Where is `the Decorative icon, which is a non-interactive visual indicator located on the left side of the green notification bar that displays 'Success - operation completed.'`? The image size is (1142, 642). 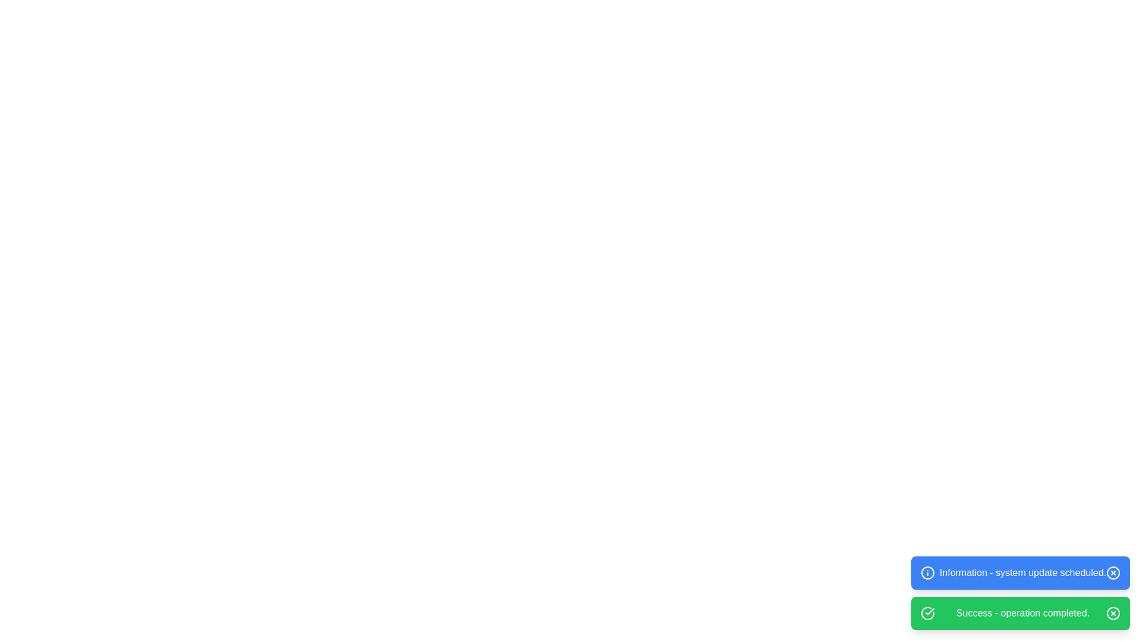 the Decorative icon, which is a non-interactive visual indicator located on the left side of the green notification bar that displays 'Success - operation completed.' is located at coordinates (927, 613).